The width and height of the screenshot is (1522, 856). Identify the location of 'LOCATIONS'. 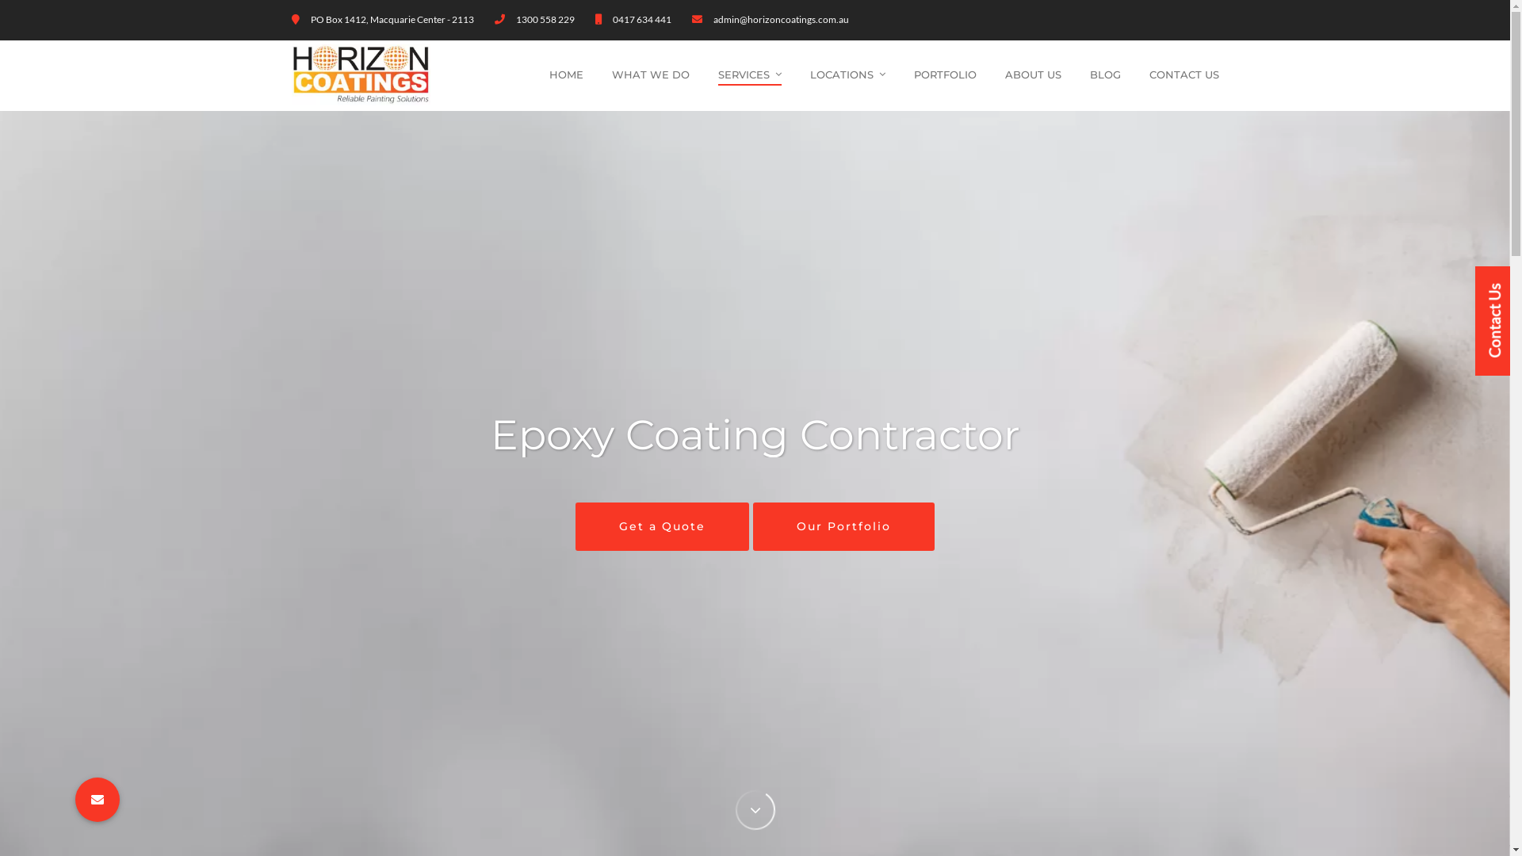
(847, 74).